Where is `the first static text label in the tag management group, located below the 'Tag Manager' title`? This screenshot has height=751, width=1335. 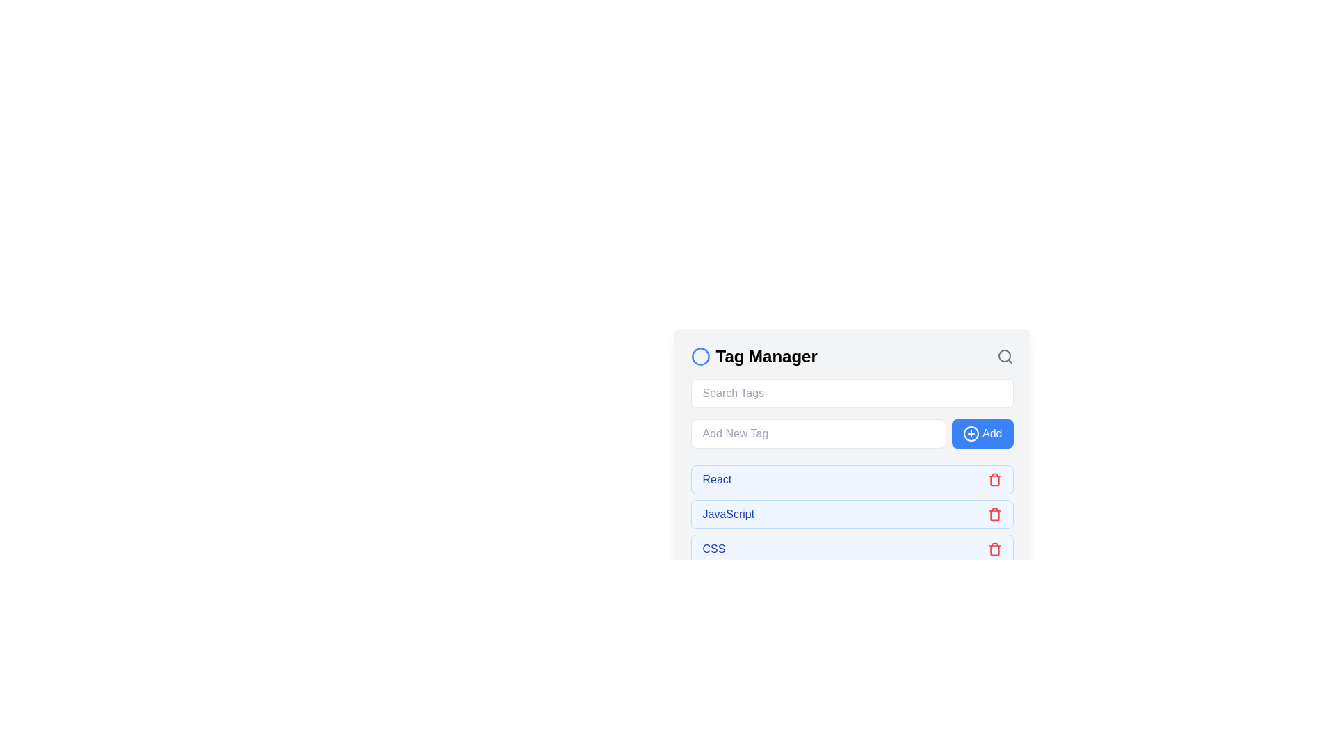 the first static text label in the tag management group, located below the 'Tag Manager' title is located at coordinates (717, 479).